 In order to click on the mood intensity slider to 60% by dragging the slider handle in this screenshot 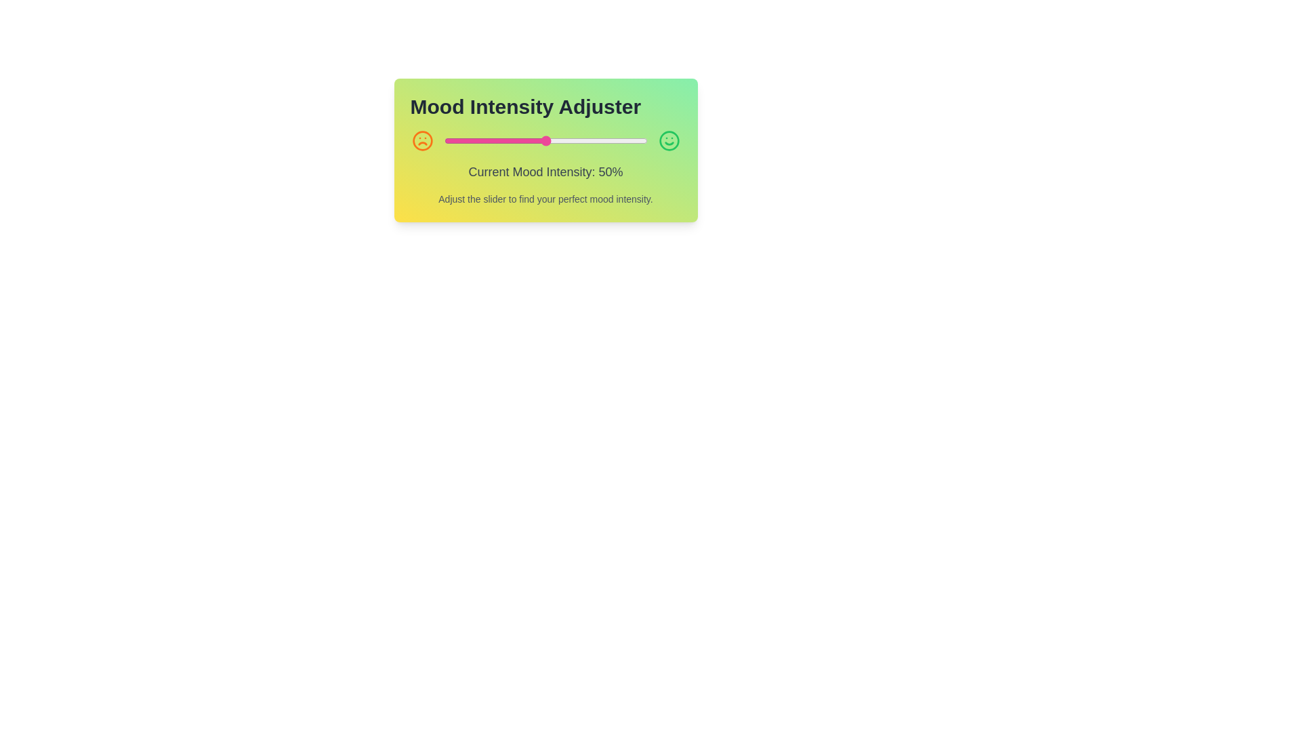, I will do `click(566, 141)`.